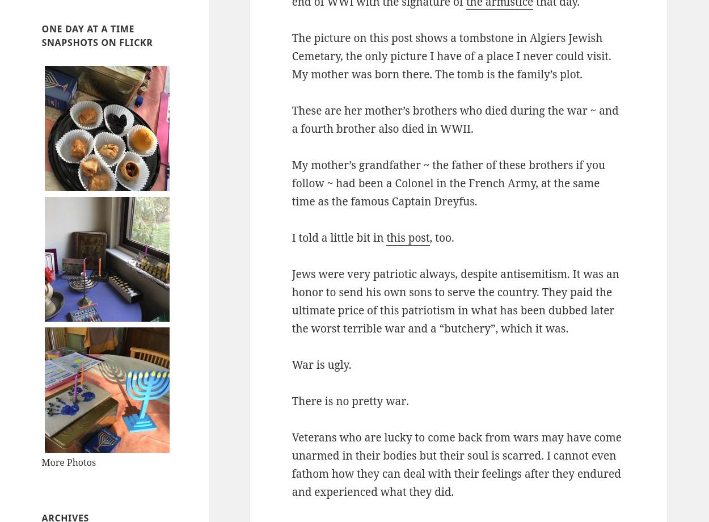 This screenshot has width=709, height=522. I want to click on 'My mother’s grandfather ~ the father of these brothers if you follow ~ had been a Colonel in the French Army, at the same time as the famous Captain Dreyfus.', so click(448, 183).